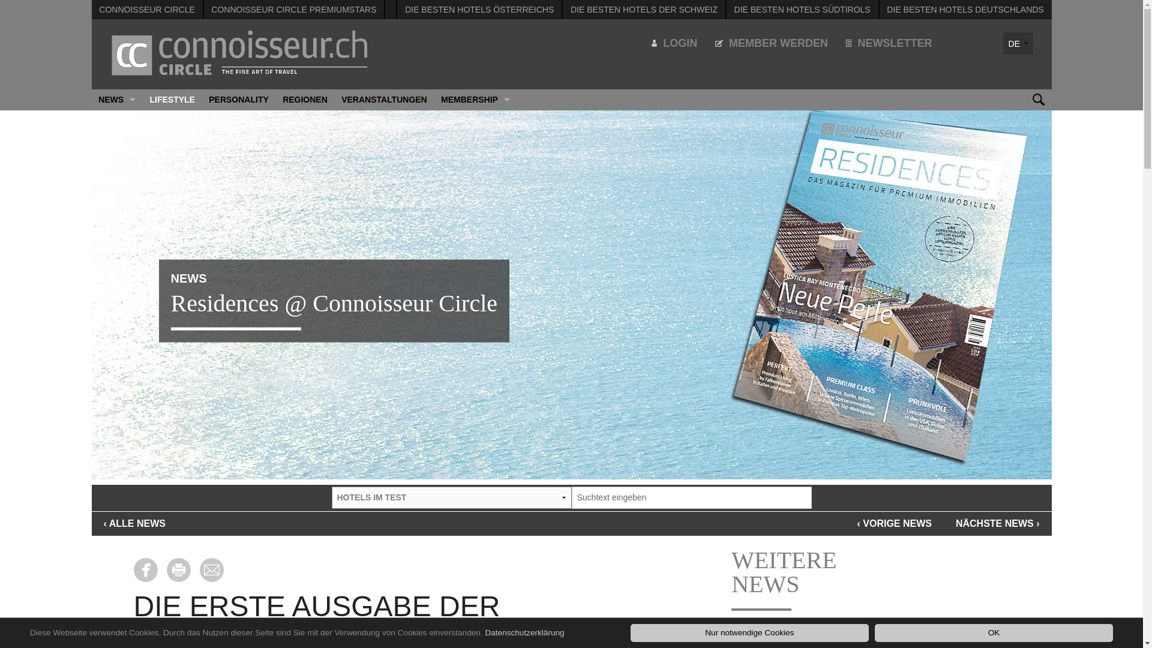  What do you see at coordinates (116, 141) in the screenshot?
I see `'AIR, ROAD & SEA'` at bounding box center [116, 141].